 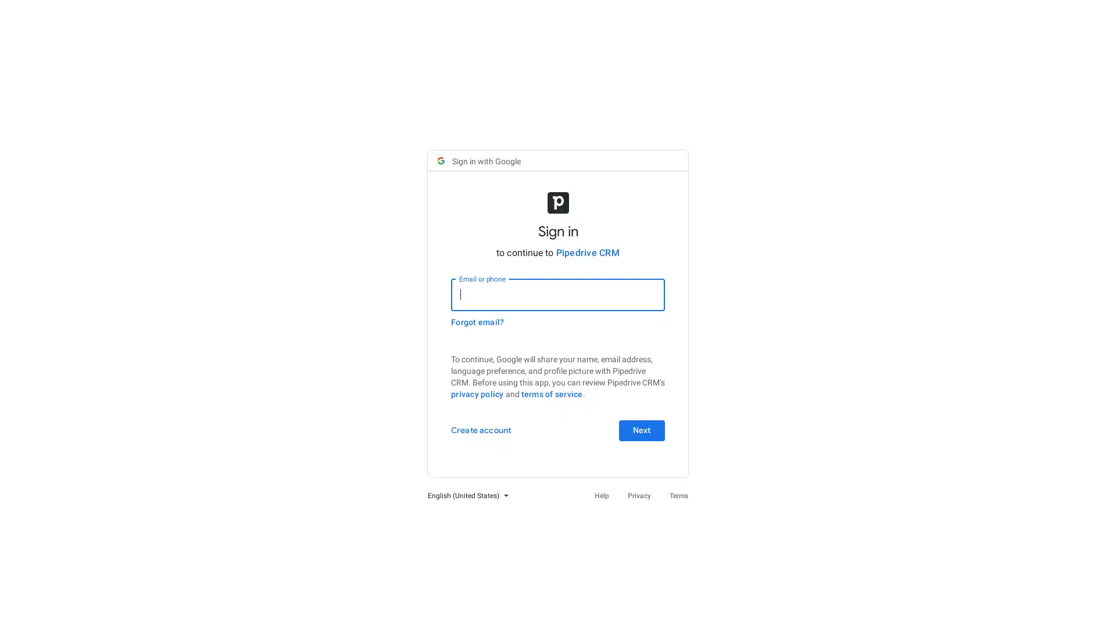 I want to click on Create account, so click(x=481, y=430).